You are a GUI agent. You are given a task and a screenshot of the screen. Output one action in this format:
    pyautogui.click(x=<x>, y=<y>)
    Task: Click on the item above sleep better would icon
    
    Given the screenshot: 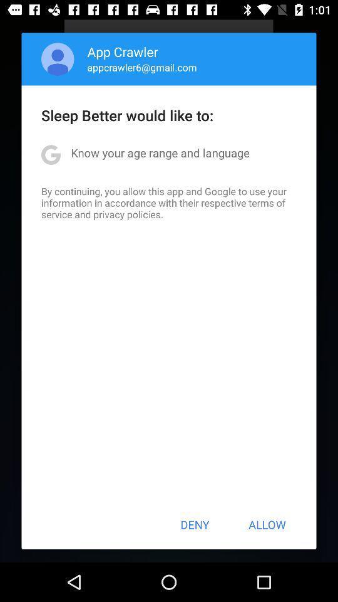 What is the action you would take?
    pyautogui.click(x=141, y=67)
    